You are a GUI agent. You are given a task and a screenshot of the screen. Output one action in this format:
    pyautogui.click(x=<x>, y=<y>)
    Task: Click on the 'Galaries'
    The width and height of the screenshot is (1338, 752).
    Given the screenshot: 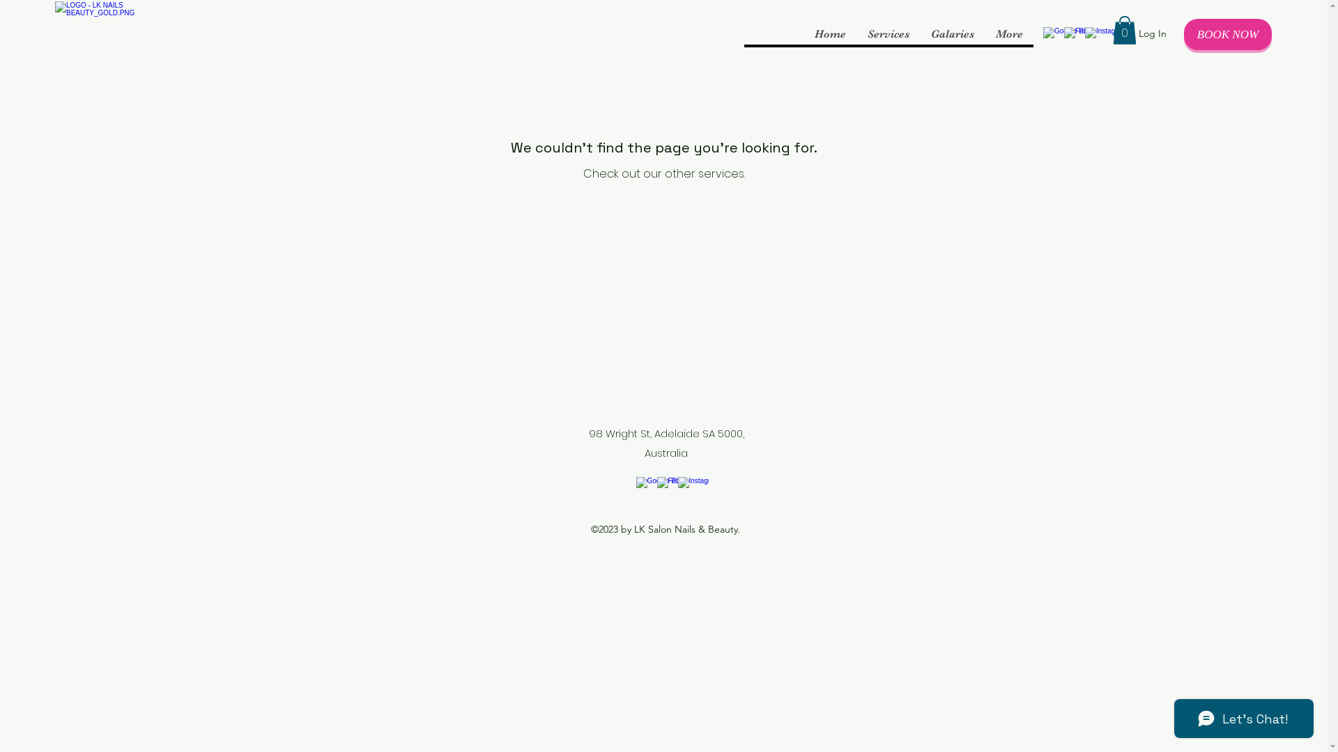 What is the action you would take?
    pyautogui.click(x=951, y=33)
    